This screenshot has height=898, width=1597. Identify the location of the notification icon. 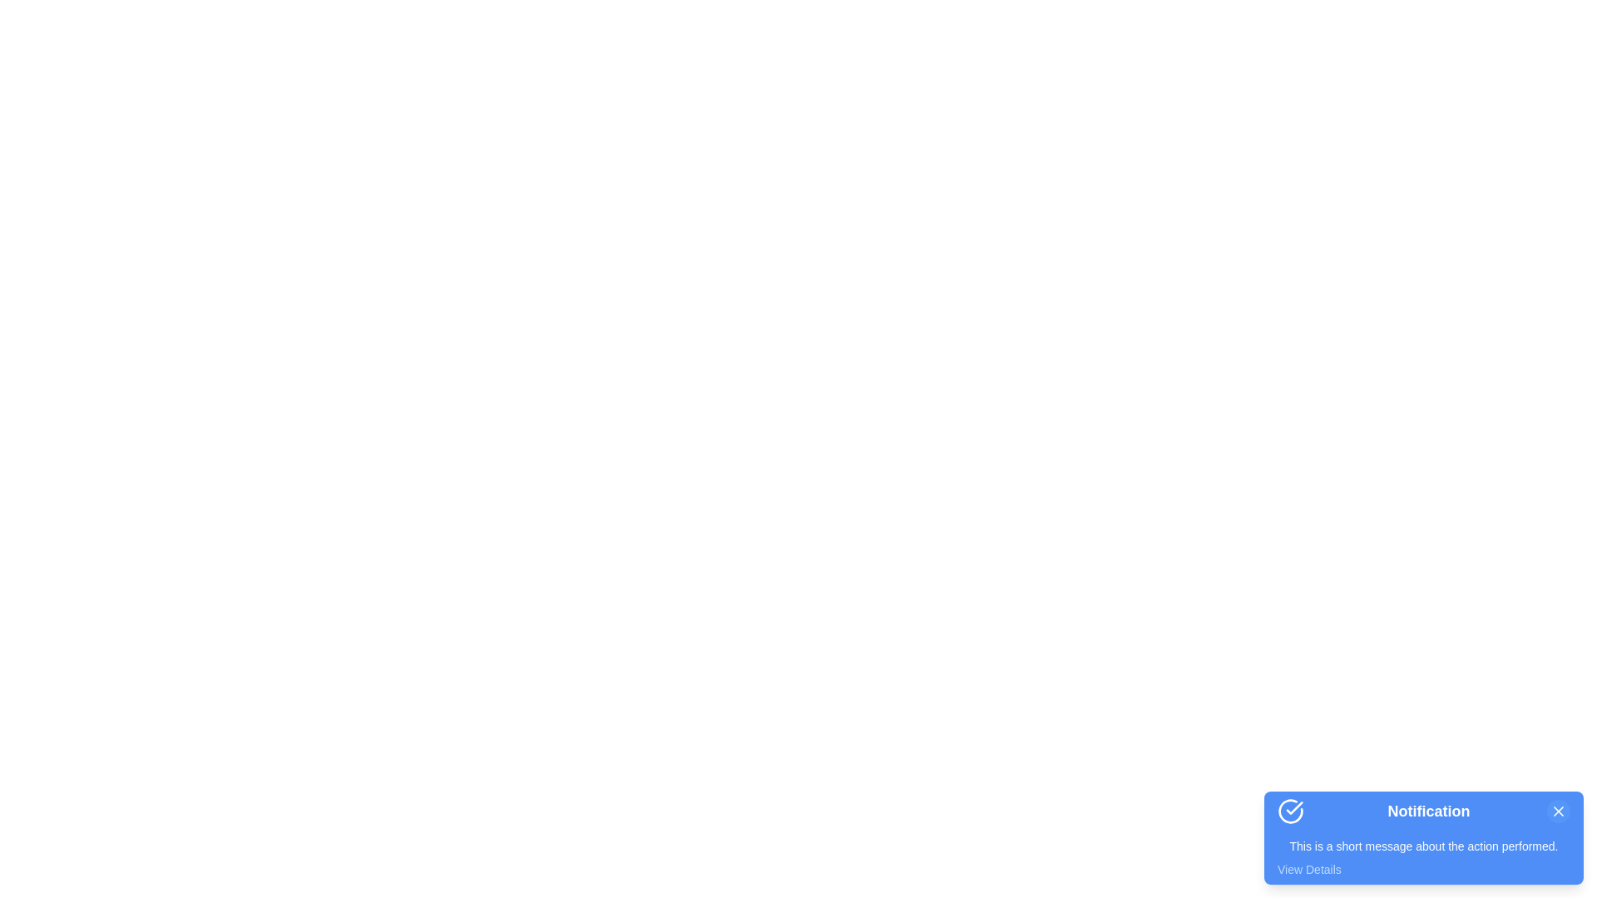
(1289, 810).